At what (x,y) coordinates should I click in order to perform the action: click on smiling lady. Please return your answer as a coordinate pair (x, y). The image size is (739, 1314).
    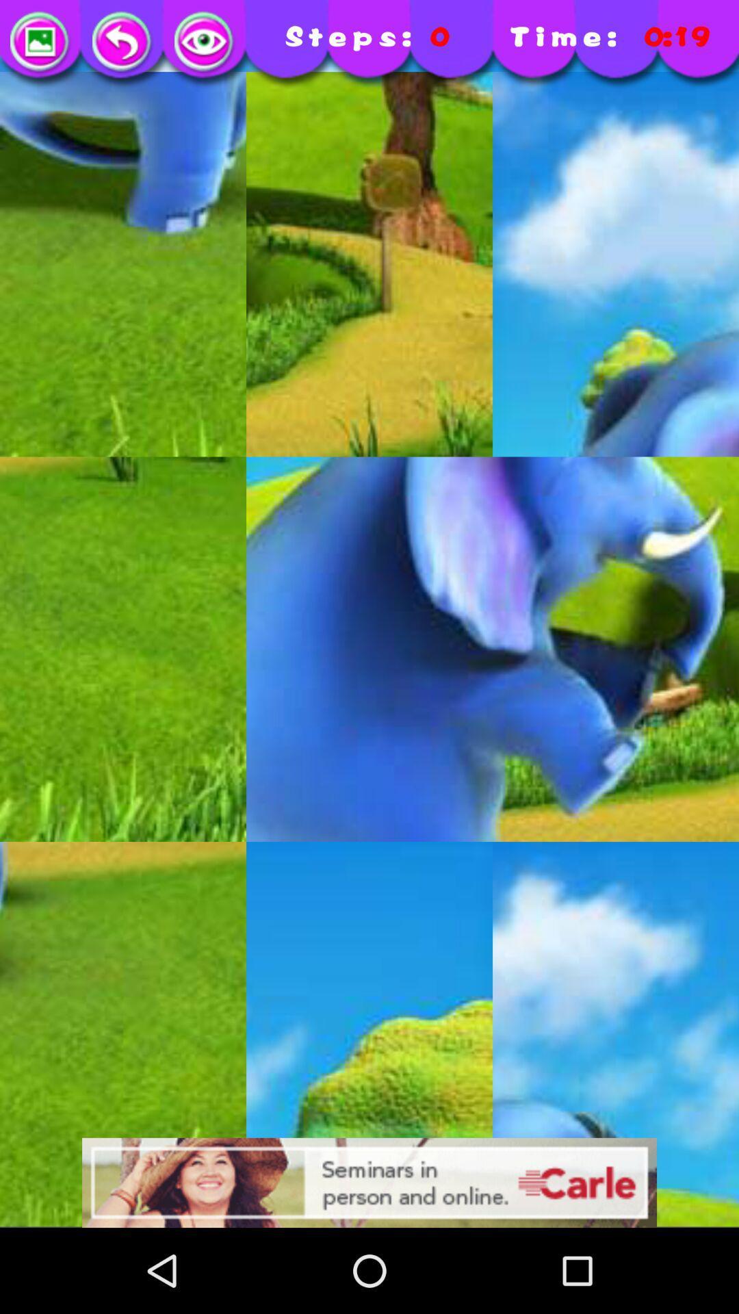
    Looking at the image, I should click on (369, 1182).